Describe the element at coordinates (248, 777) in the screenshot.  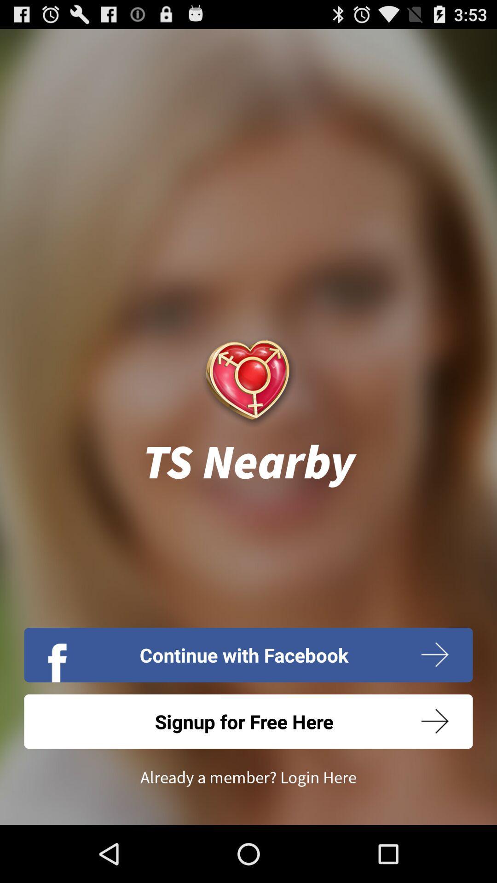
I see `the button below signup for free item` at that location.